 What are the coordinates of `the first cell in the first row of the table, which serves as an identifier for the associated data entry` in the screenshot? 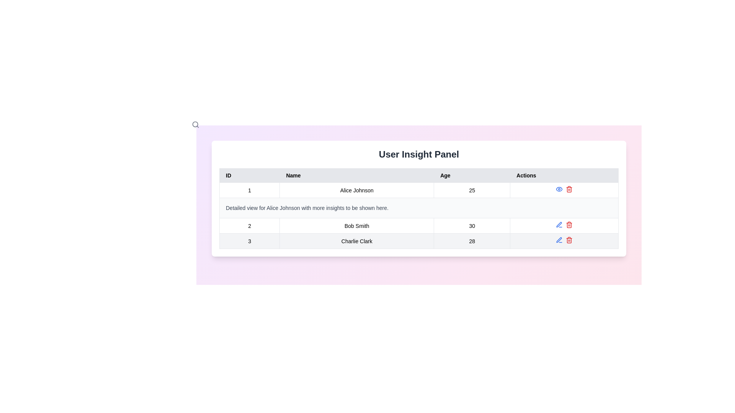 It's located at (250, 190).